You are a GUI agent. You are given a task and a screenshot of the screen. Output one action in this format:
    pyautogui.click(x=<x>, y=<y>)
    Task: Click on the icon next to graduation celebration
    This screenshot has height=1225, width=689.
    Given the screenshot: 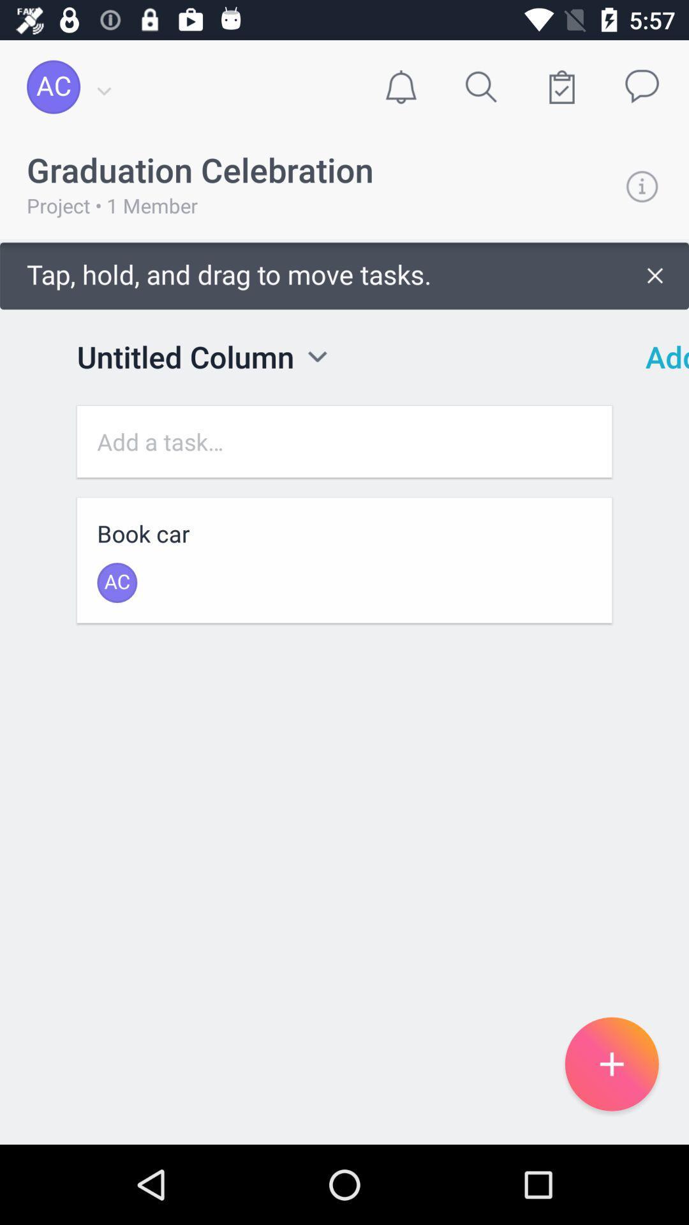 What is the action you would take?
    pyautogui.click(x=642, y=186)
    